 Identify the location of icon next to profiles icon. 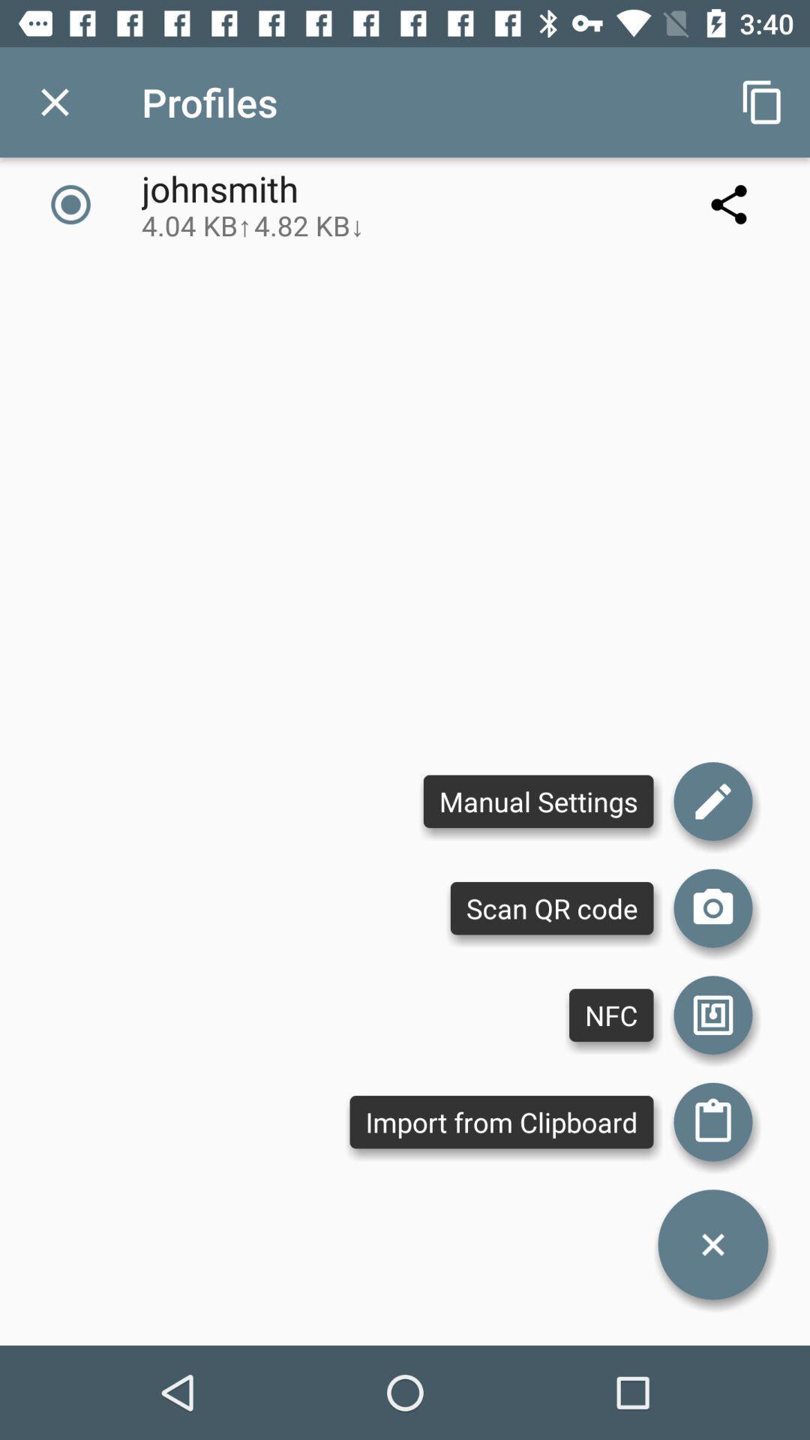
(54, 101).